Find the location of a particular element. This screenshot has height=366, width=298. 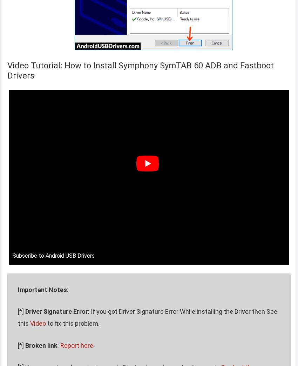

'Video Tutorial: How to Install Symphony SymTAB 60 ADB and Fastboot Drivers' is located at coordinates (141, 70).